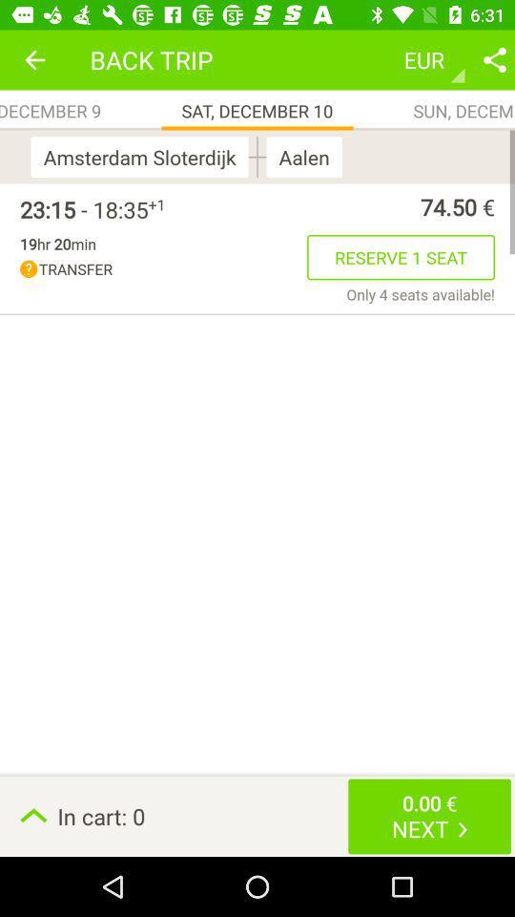 The width and height of the screenshot is (515, 917). What do you see at coordinates (400, 256) in the screenshot?
I see `item next to transfer` at bounding box center [400, 256].